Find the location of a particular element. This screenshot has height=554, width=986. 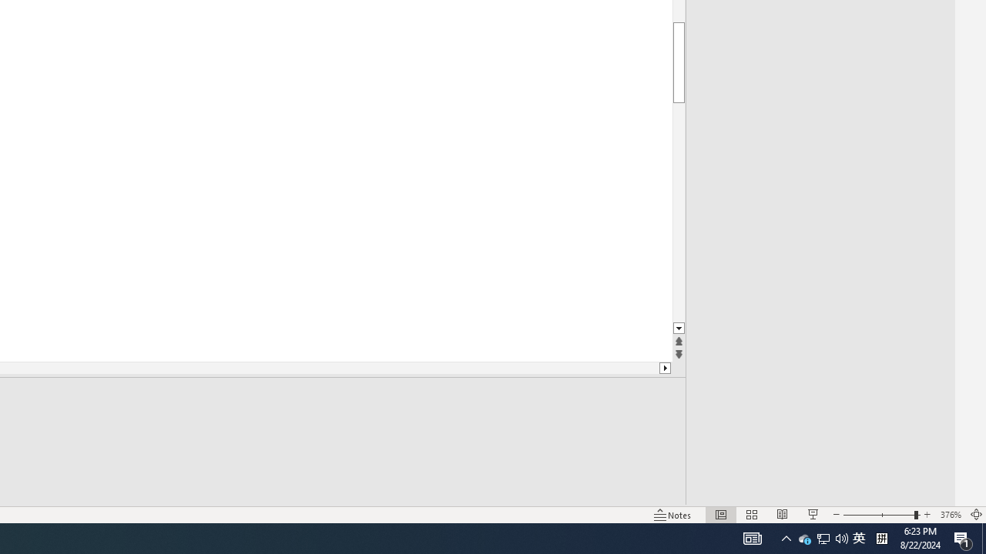

'Zoom 376%' is located at coordinates (950, 515).